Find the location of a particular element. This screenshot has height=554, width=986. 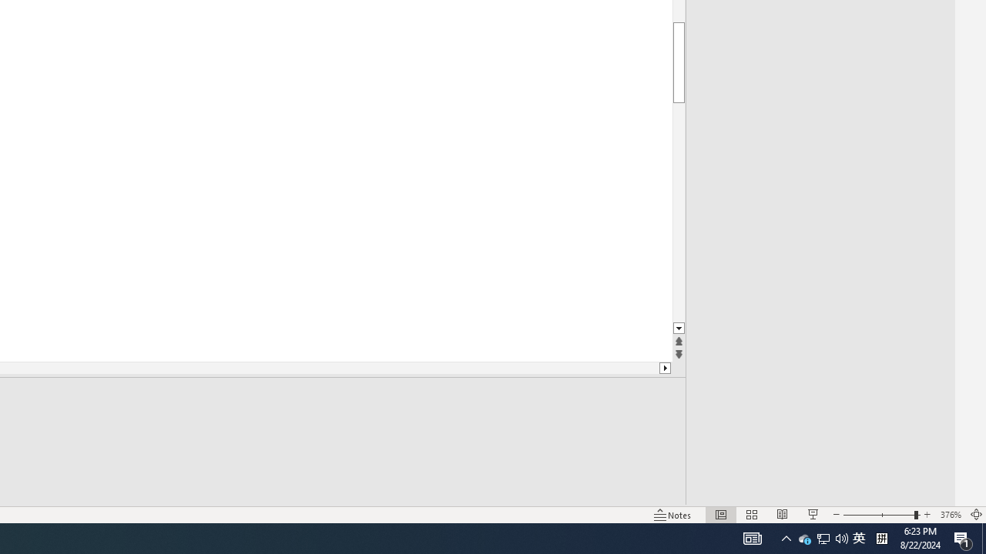

'Zoom 376%' is located at coordinates (950, 515).